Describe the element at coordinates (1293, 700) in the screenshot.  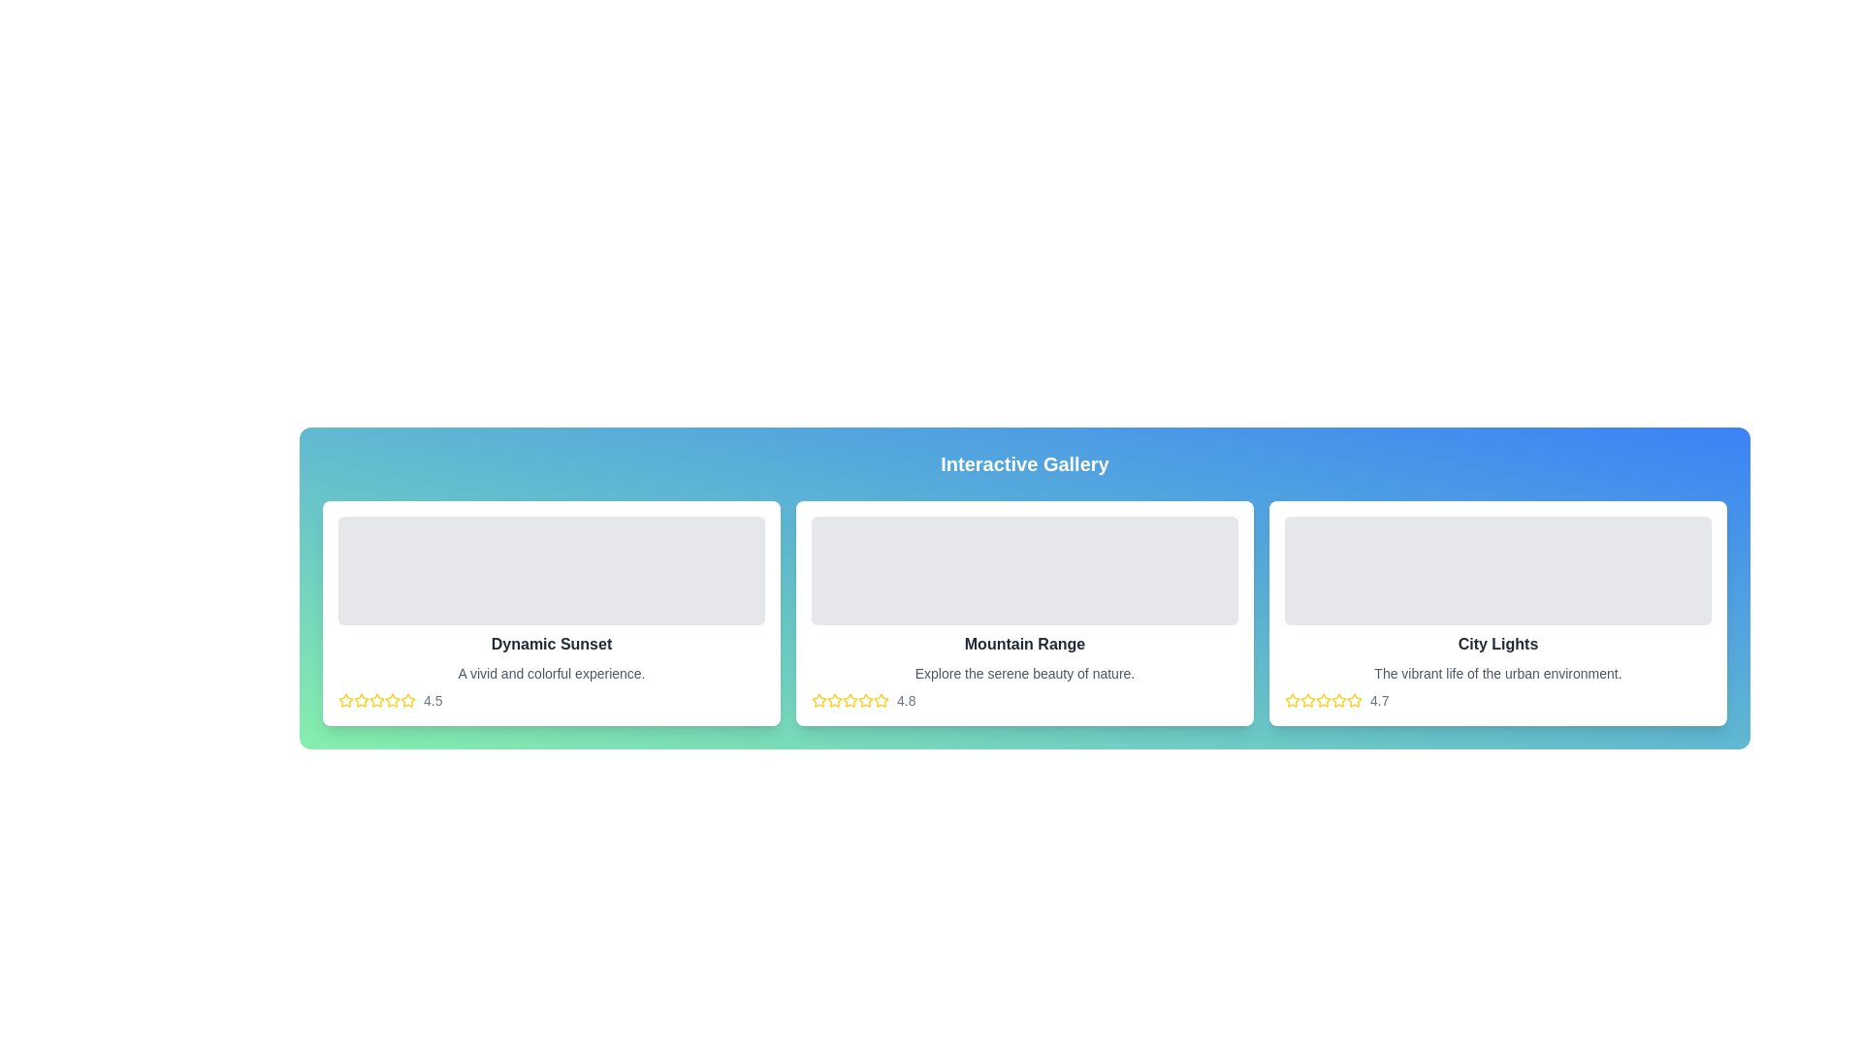
I see `the first star icon in the rating system for 'City Lights' to provide visual feedback` at that location.